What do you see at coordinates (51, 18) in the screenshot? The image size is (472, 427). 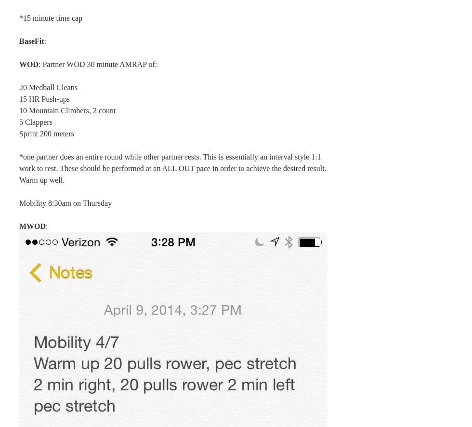 I see `'*15 minute time cap'` at bounding box center [51, 18].